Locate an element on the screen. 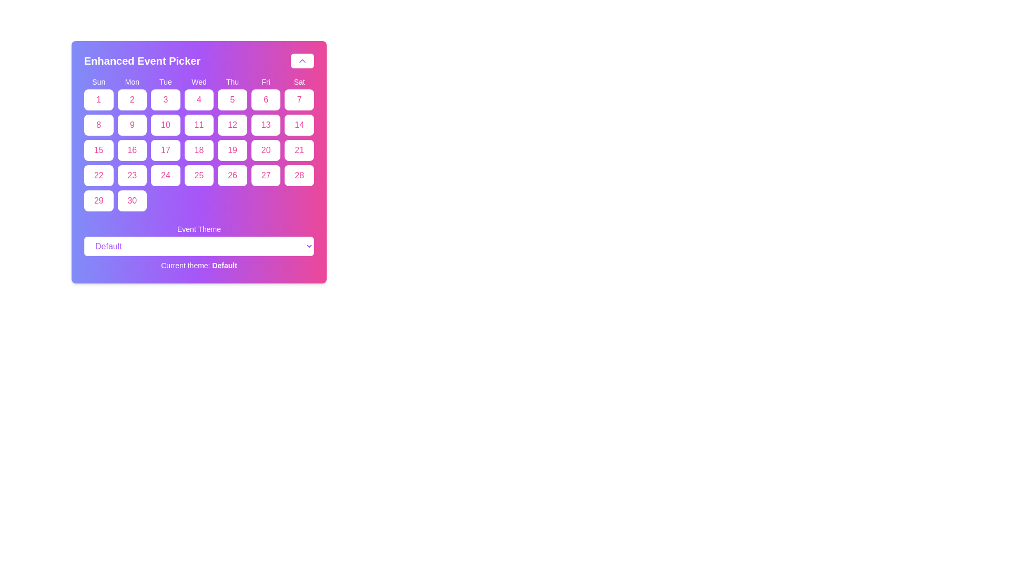  the row of text labels representing the days of the week ('Sun', 'Mon', 'Tue', 'Wed', 'Thu', 'Fri', 'Sat') at the top of the calendar grid is located at coordinates (199, 81).